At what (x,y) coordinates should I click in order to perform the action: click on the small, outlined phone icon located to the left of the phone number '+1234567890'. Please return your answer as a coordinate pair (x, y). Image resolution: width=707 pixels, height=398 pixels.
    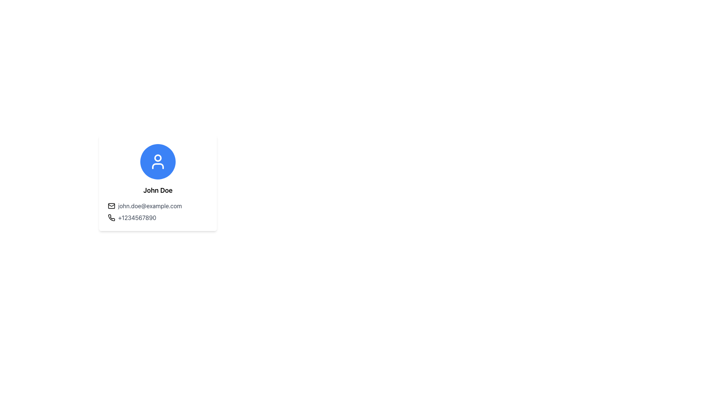
    Looking at the image, I should click on (111, 217).